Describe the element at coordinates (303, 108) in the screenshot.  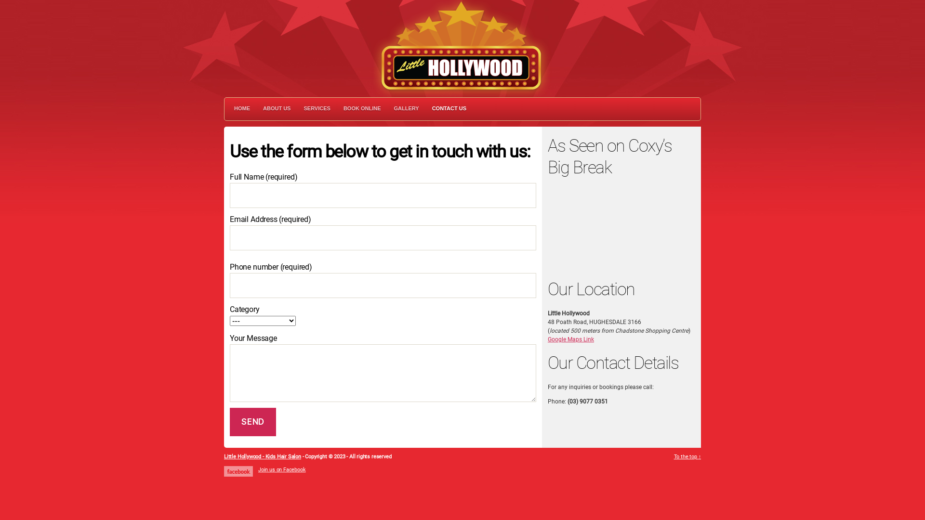
I see `'SERVICES'` at that location.